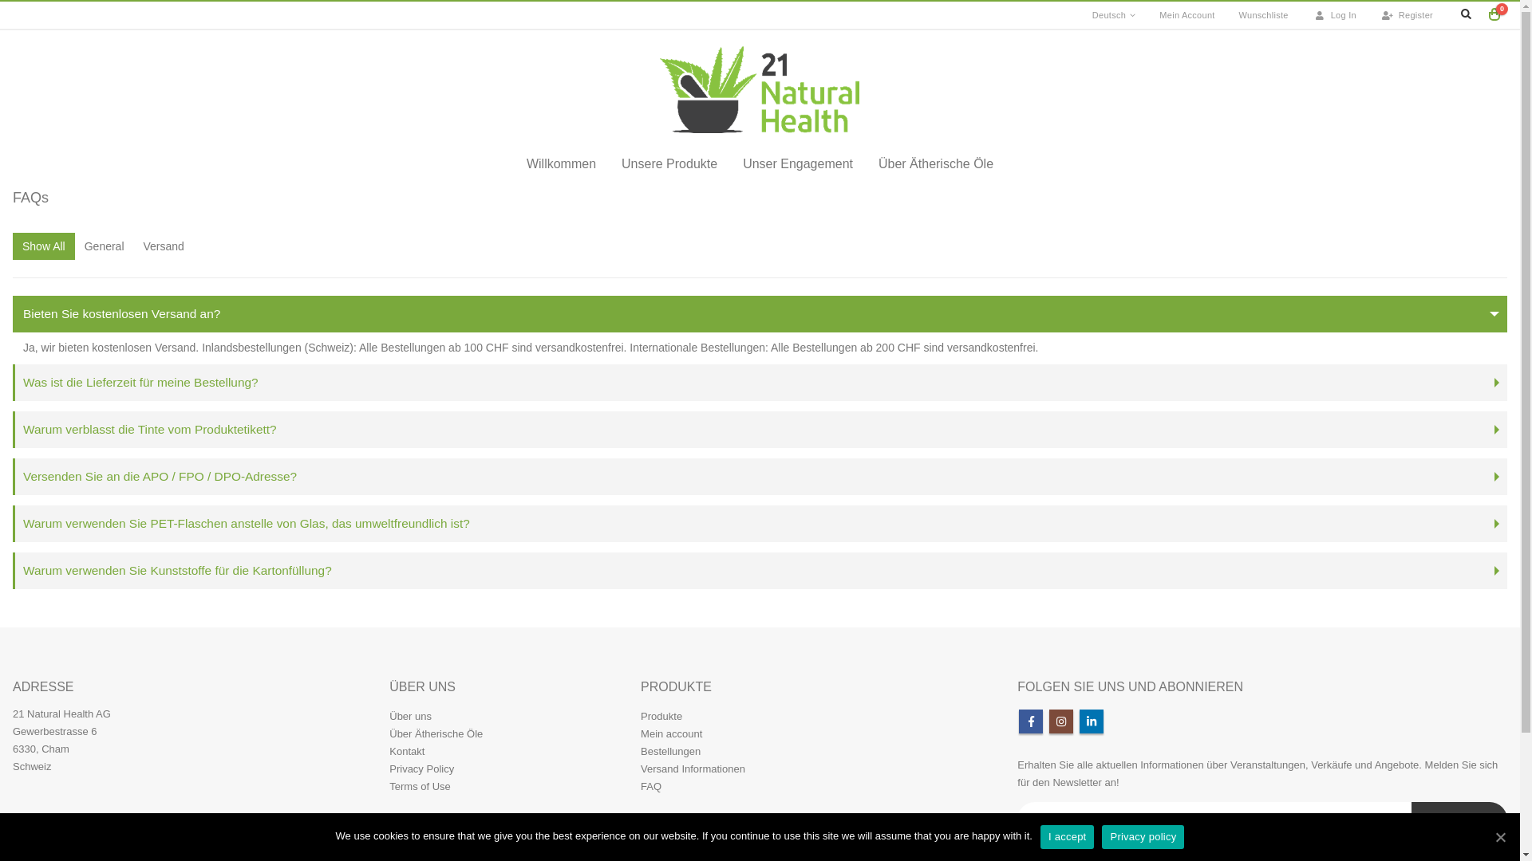 Image resolution: width=1532 pixels, height=861 pixels. I want to click on 'Bestellungen', so click(670, 751).